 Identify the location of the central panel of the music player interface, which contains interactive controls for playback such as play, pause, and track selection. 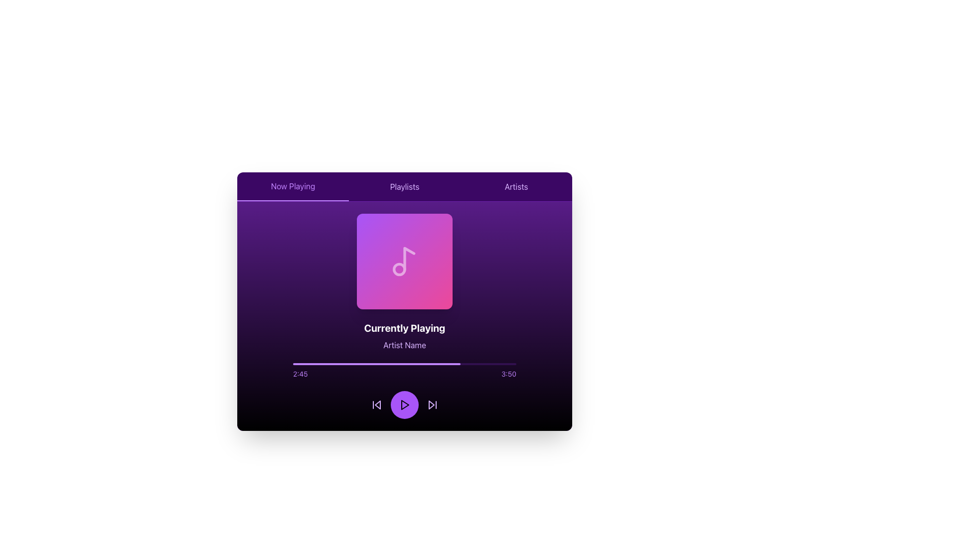
(404, 301).